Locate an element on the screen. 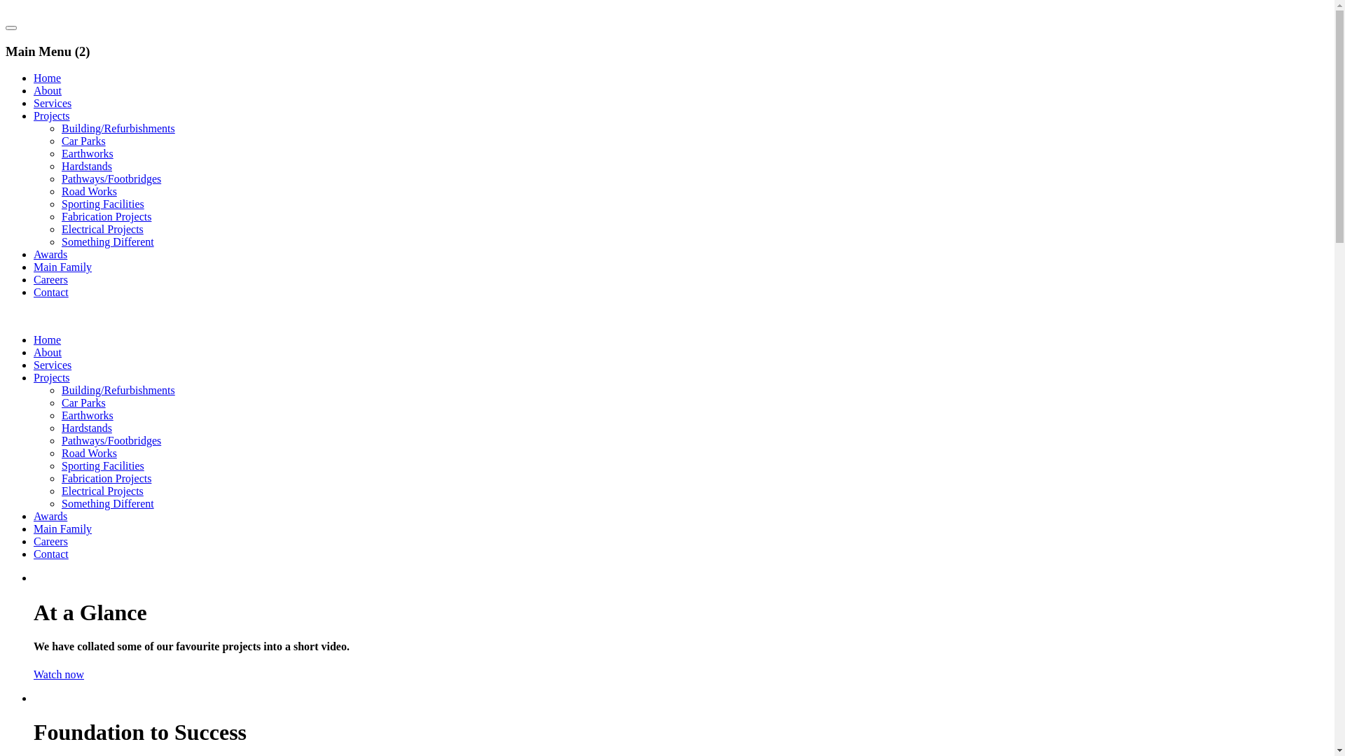 The width and height of the screenshot is (1345, 756). 'Sporting Facilities' is located at coordinates (102, 204).